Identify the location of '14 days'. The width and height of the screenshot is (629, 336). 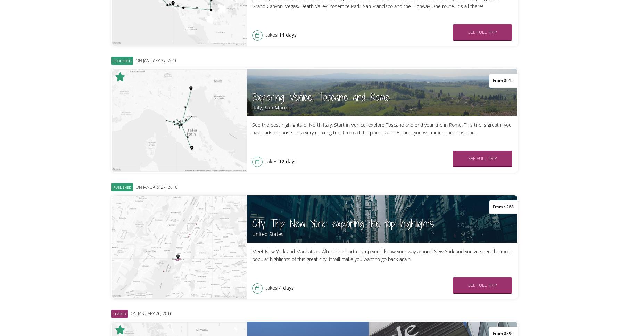
(287, 35).